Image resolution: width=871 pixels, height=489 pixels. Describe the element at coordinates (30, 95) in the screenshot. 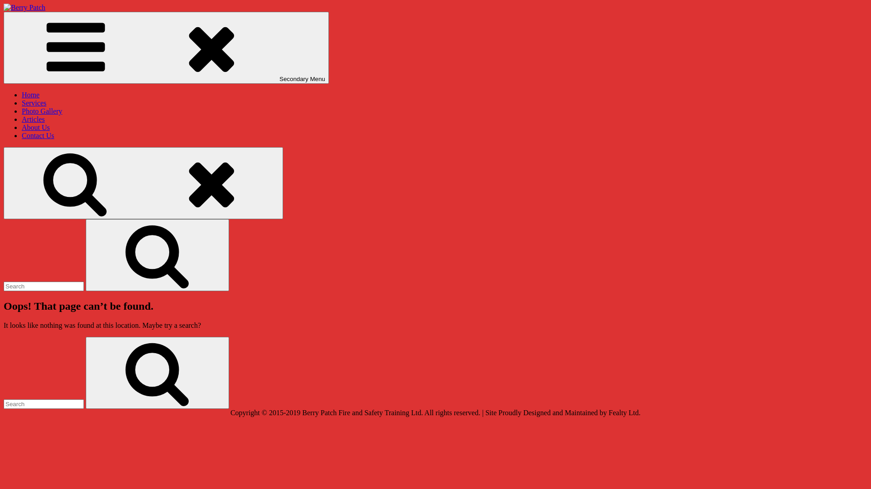

I see `'Home'` at that location.